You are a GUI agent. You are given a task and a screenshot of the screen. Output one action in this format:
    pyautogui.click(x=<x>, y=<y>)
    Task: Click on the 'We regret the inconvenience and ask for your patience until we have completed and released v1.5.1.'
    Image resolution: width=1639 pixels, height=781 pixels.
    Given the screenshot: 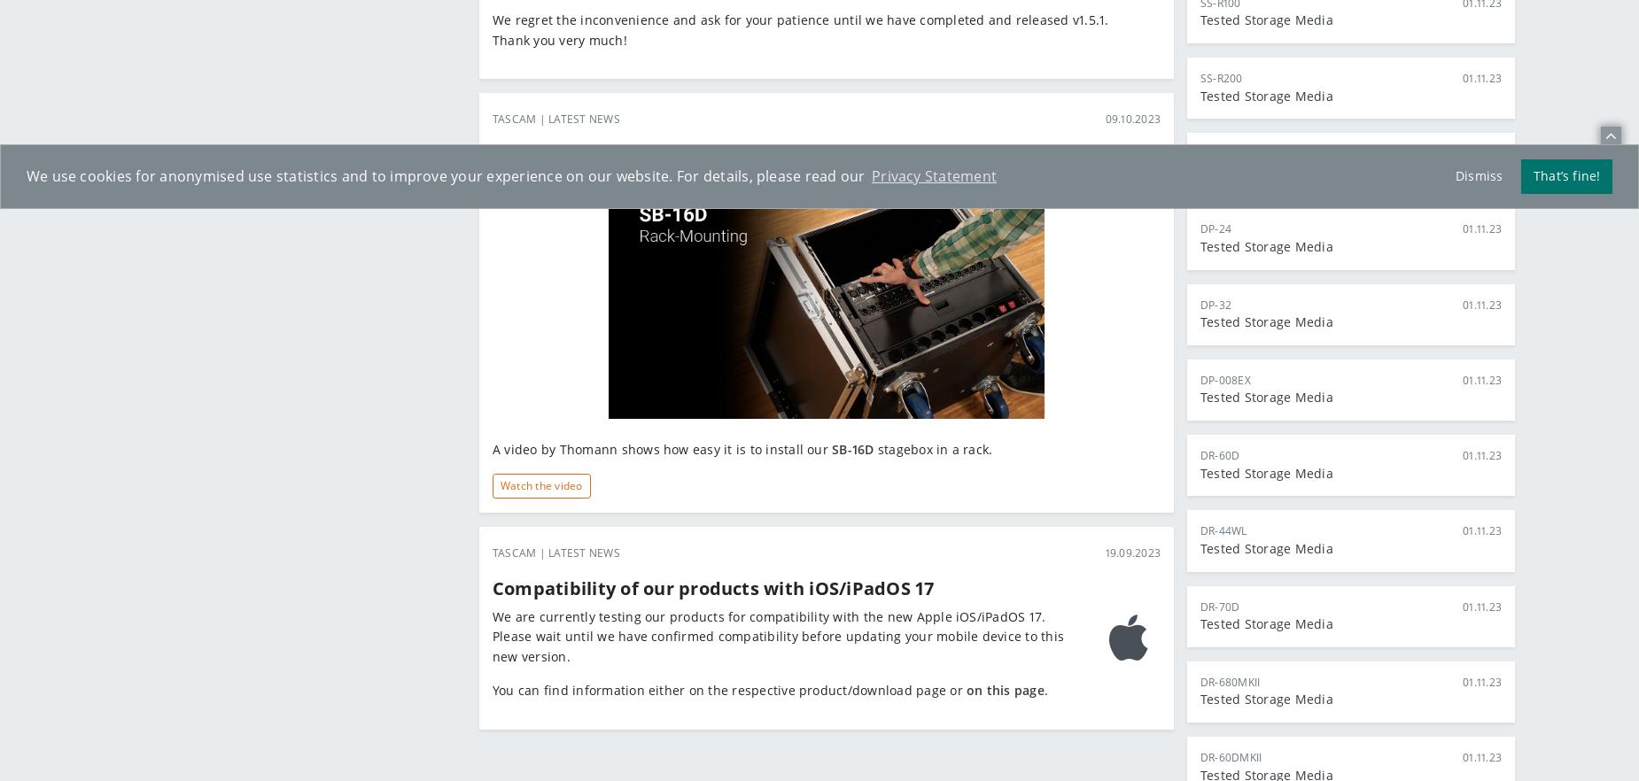 What is the action you would take?
    pyautogui.click(x=800, y=19)
    